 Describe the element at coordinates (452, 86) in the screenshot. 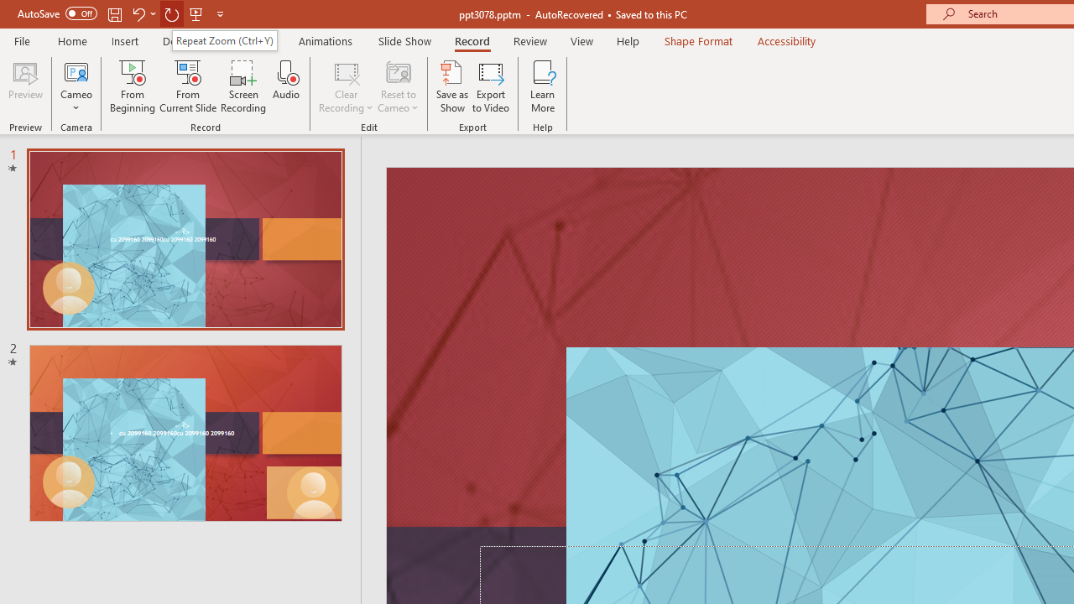

I see `'Save as Show'` at that location.